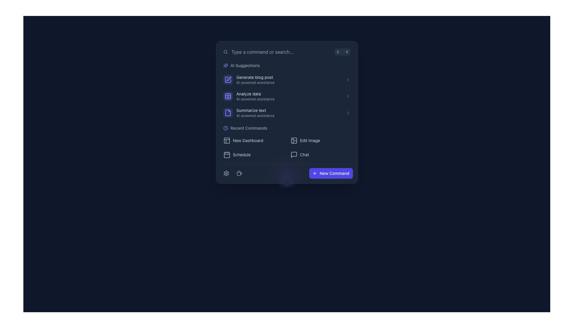  I want to click on the 'Chat' icon located to the left of the 'Chat' text in the menu, so click(294, 154).